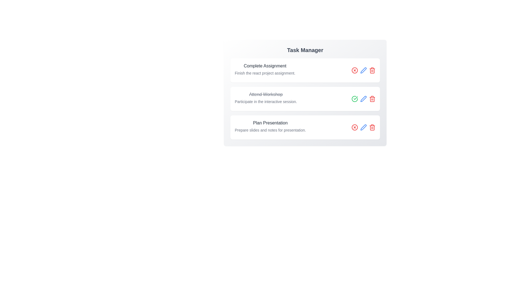 This screenshot has width=526, height=296. What do you see at coordinates (372, 70) in the screenshot?
I see `delete button for the task titled 'Complete Assignment'` at bounding box center [372, 70].